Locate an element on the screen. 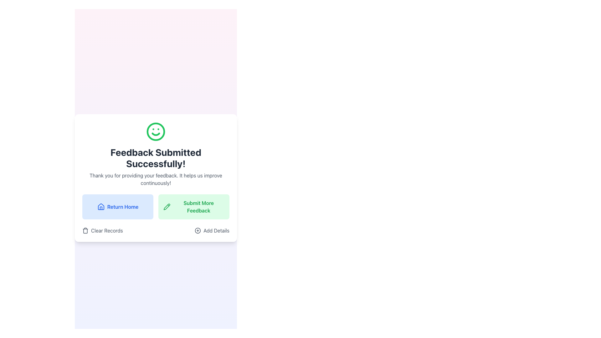 This screenshot has width=601, height=338. the green 'Submit More Feedback' button with rounded corners to observe the hover effects is located at coordinates (193, 207).